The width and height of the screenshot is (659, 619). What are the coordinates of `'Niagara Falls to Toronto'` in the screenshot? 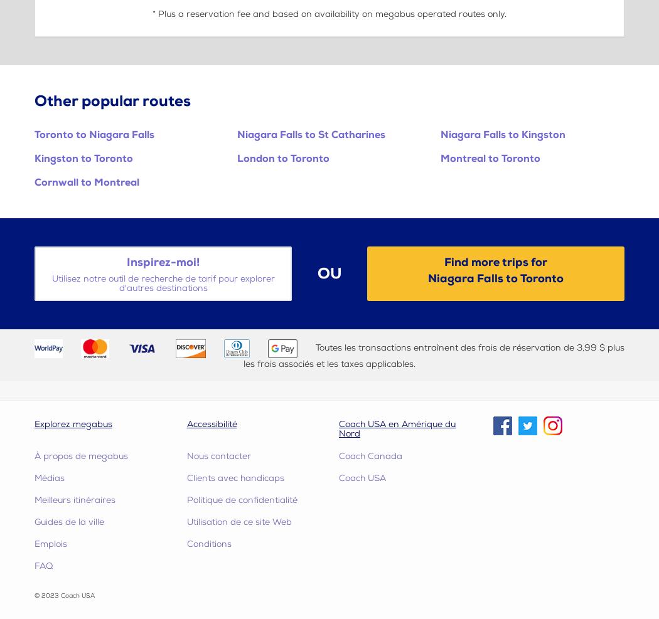 It's located at (495, 277).